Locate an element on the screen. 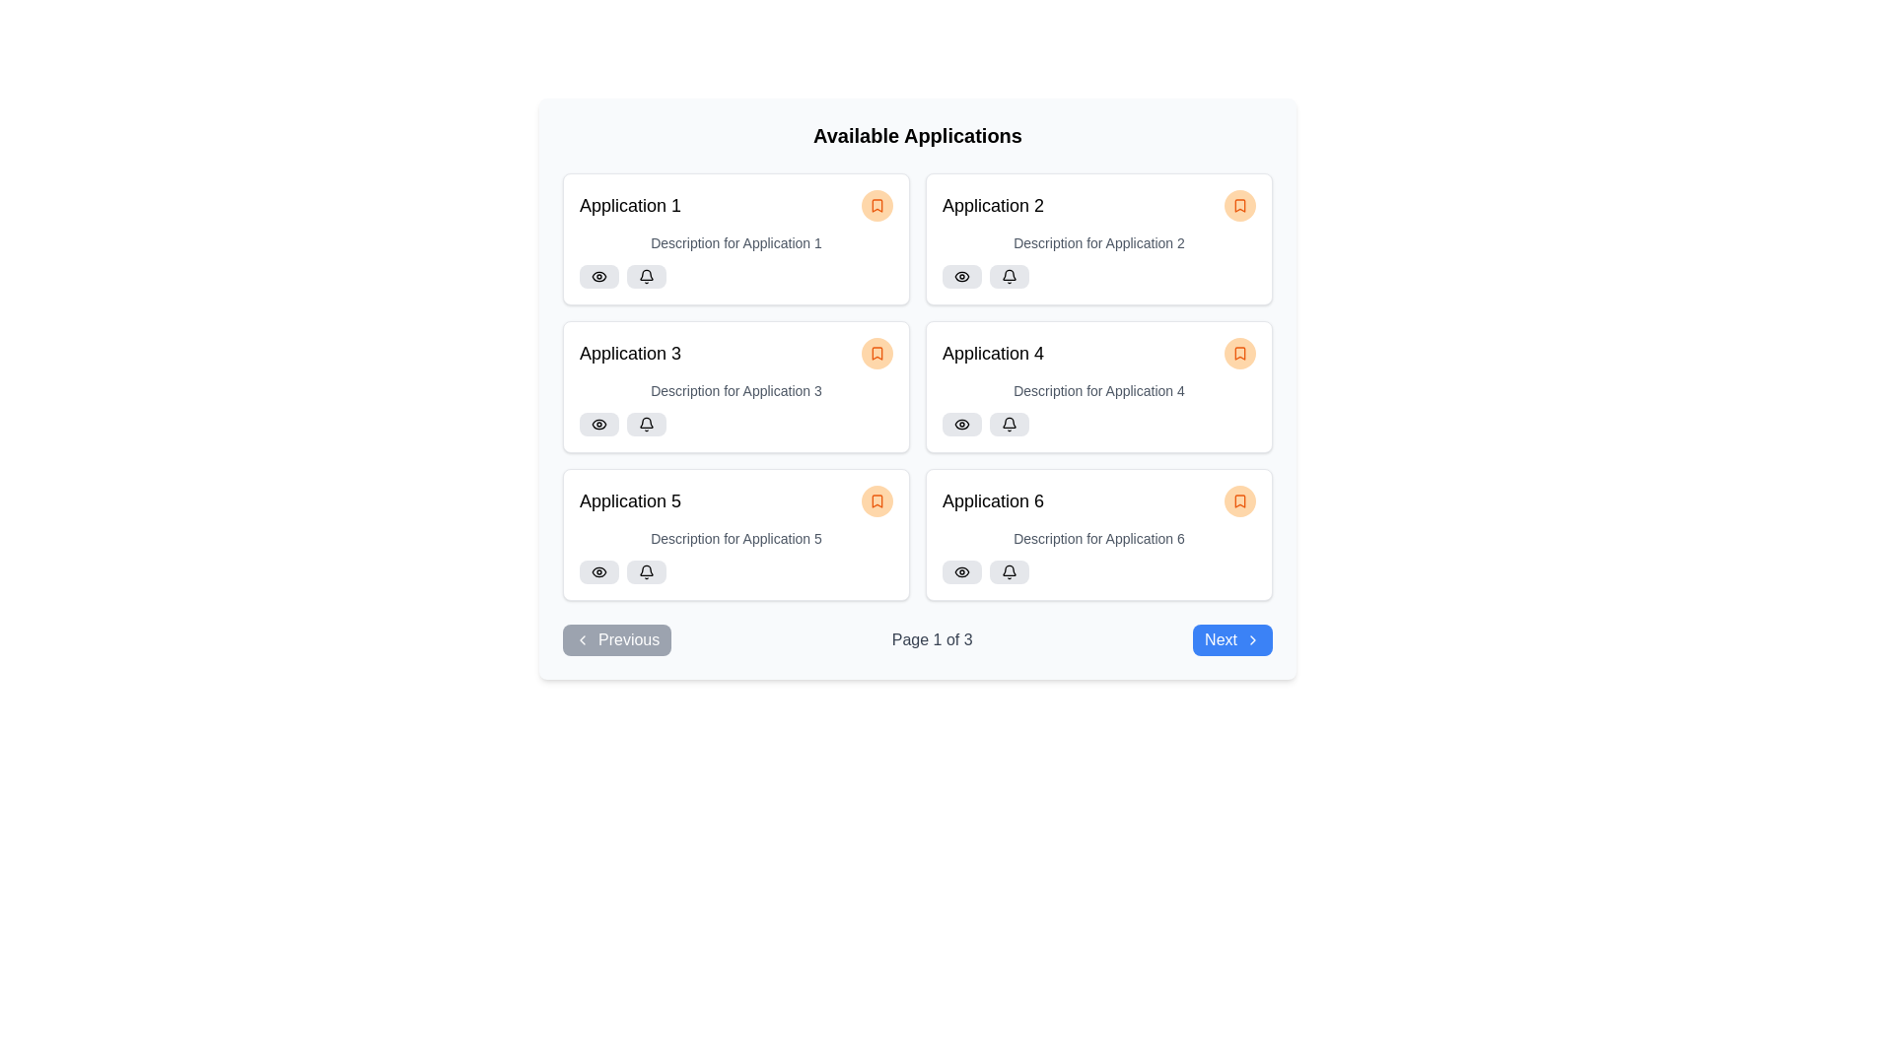 This screenshot has width=1893, height=1064. the bookmark icon located in the upper-right corner of the 'Application 3' card, which allows users to save or mark items for later access is located at coordinates (876, 352).